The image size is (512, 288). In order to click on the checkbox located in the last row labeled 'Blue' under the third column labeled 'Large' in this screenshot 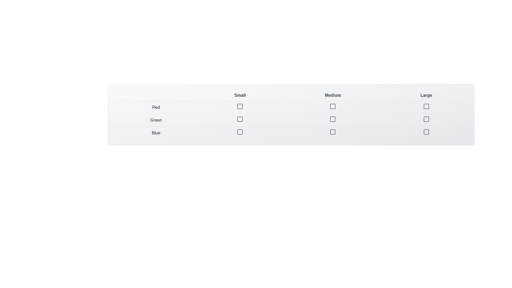, I will do `click(426, 132)`.